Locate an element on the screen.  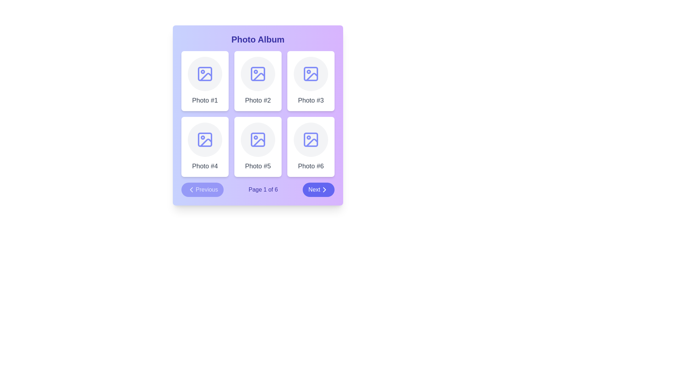
the rightward-pointing chevron icon within the blue circular button labeled 'Next' located at the bottom right corner of the navigation bar to trigger a tooltip or animated effect is located at coordinates (324, 189).